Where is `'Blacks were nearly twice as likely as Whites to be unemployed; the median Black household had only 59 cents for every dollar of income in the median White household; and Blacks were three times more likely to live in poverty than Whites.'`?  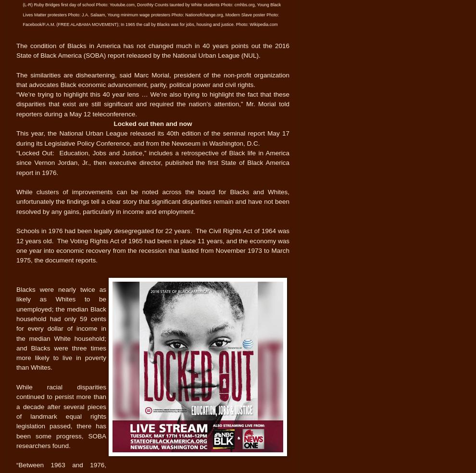
'Blacks were nearly twice as likely as Whites to be unemployed; the median Black household had only 59 cents for every dollar of income in the median White household; and Blacks were three times more likely to live in poverty than Whites.' is located at coordinates (61, 328).